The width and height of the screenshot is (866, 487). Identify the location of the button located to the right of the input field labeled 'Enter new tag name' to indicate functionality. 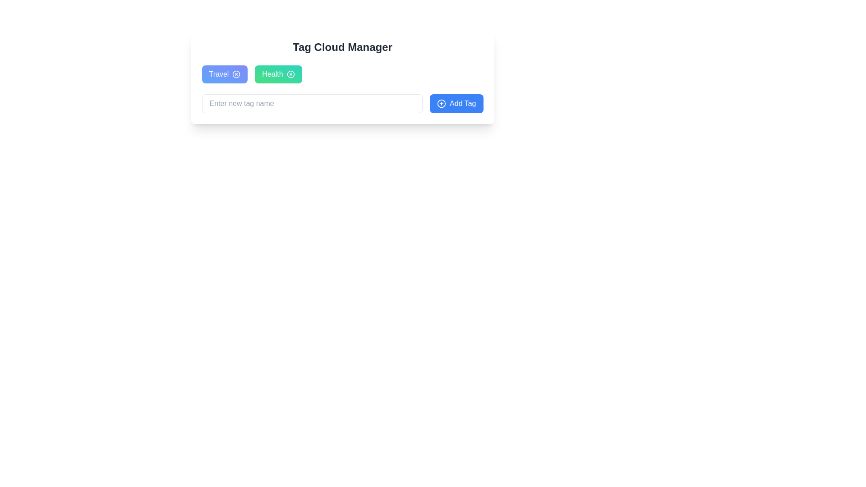
(456, 103).